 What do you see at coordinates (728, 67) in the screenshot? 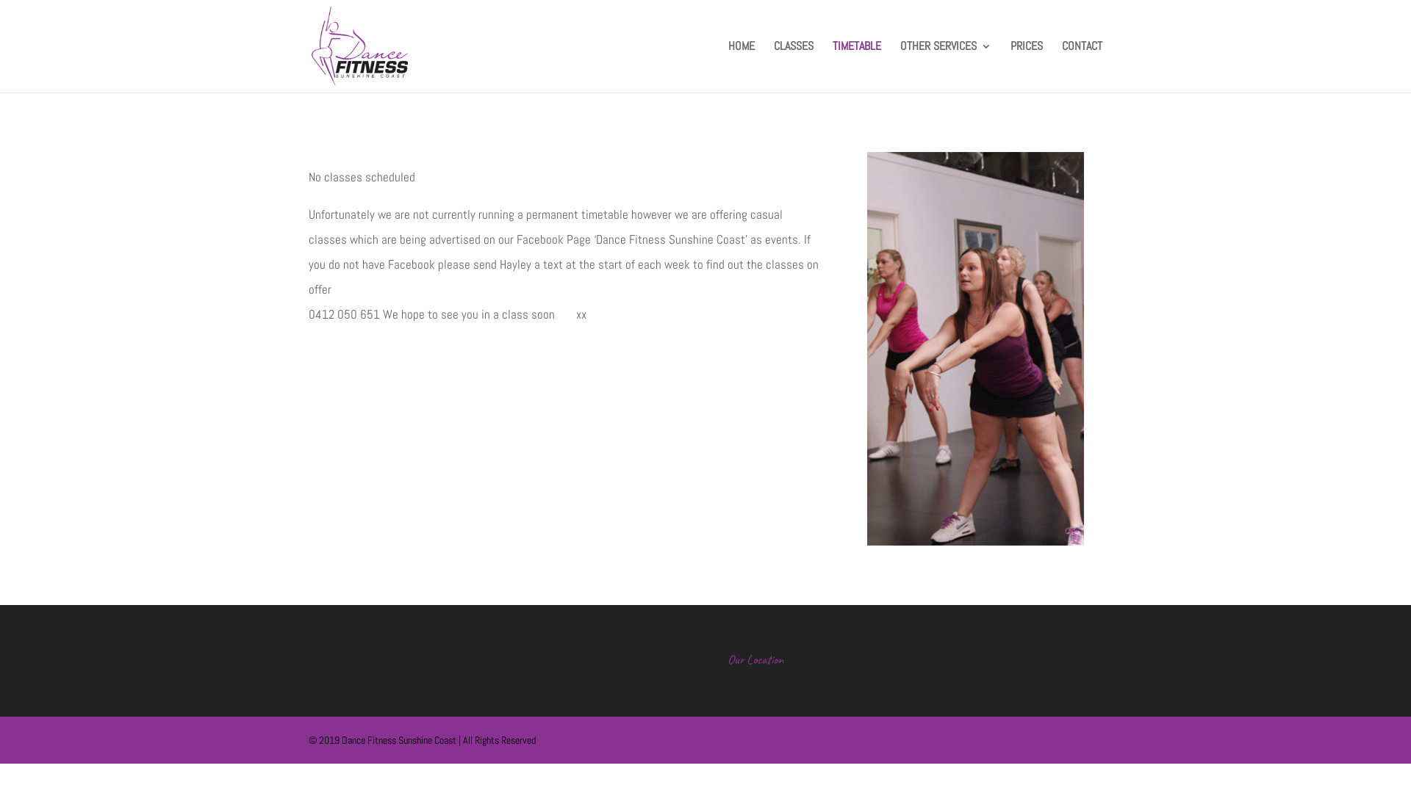
I see `'HOME'` at bounding box center [728, 67].